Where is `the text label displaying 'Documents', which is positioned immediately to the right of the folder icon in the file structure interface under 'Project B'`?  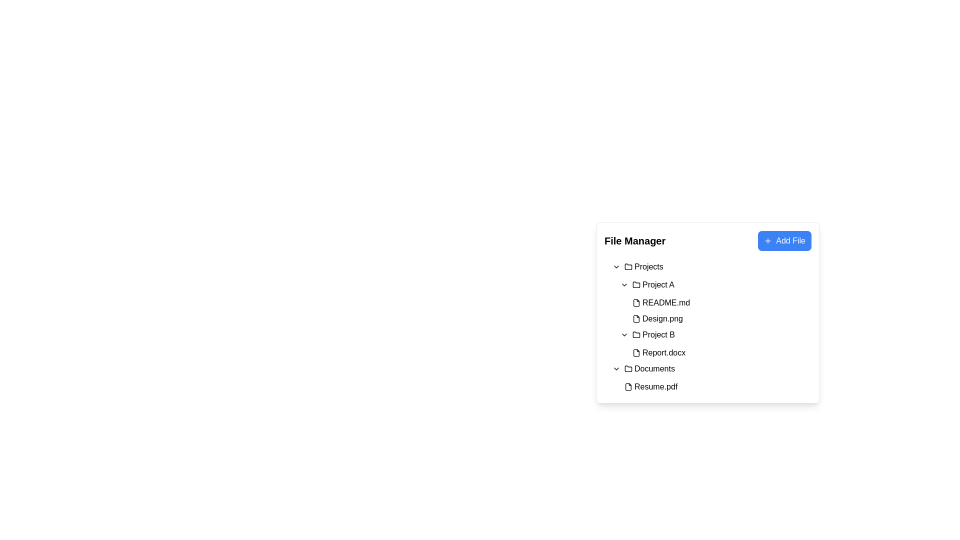
the text label displaying 'Documents', which is positioned immediately to the right of the folder icon in the file structure interface under 'Project B' is located at coordinates (654, 368).